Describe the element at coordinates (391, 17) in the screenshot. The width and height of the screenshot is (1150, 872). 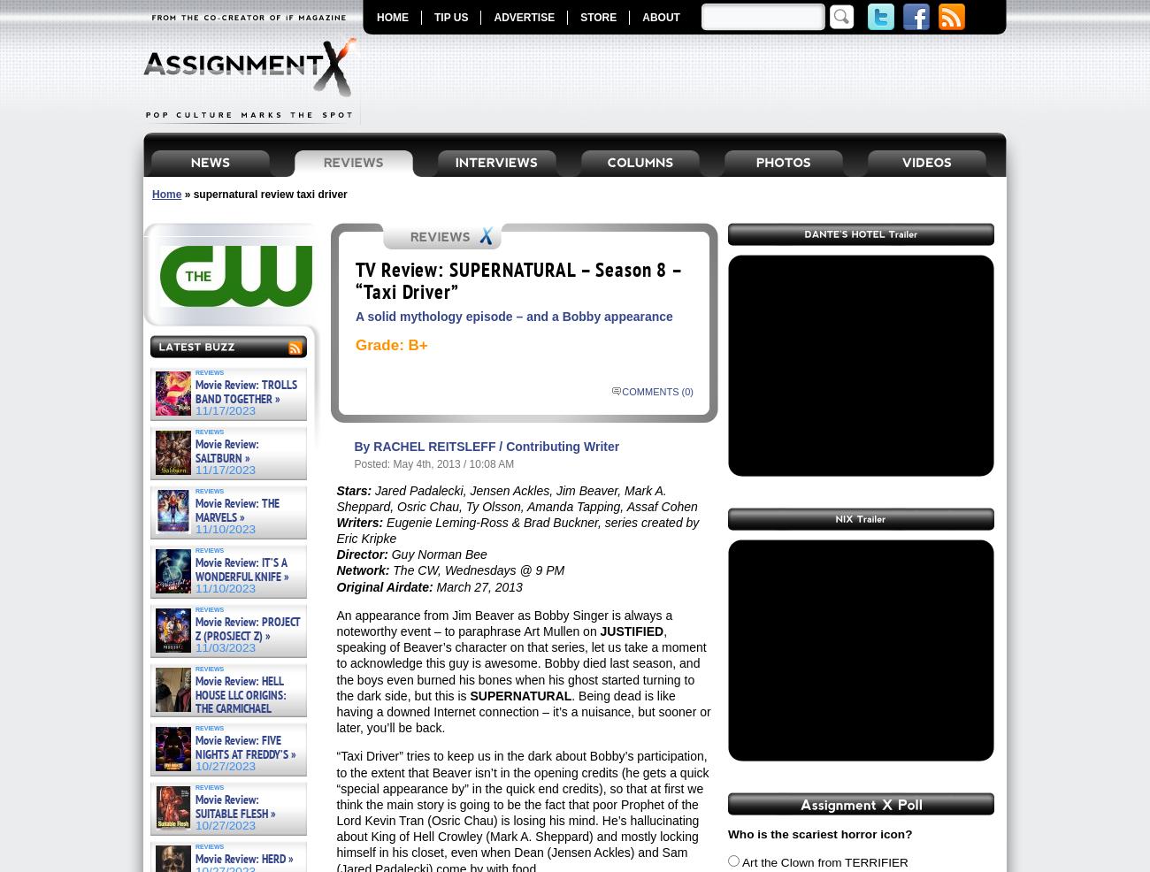
I see `'HOME'` at that location.